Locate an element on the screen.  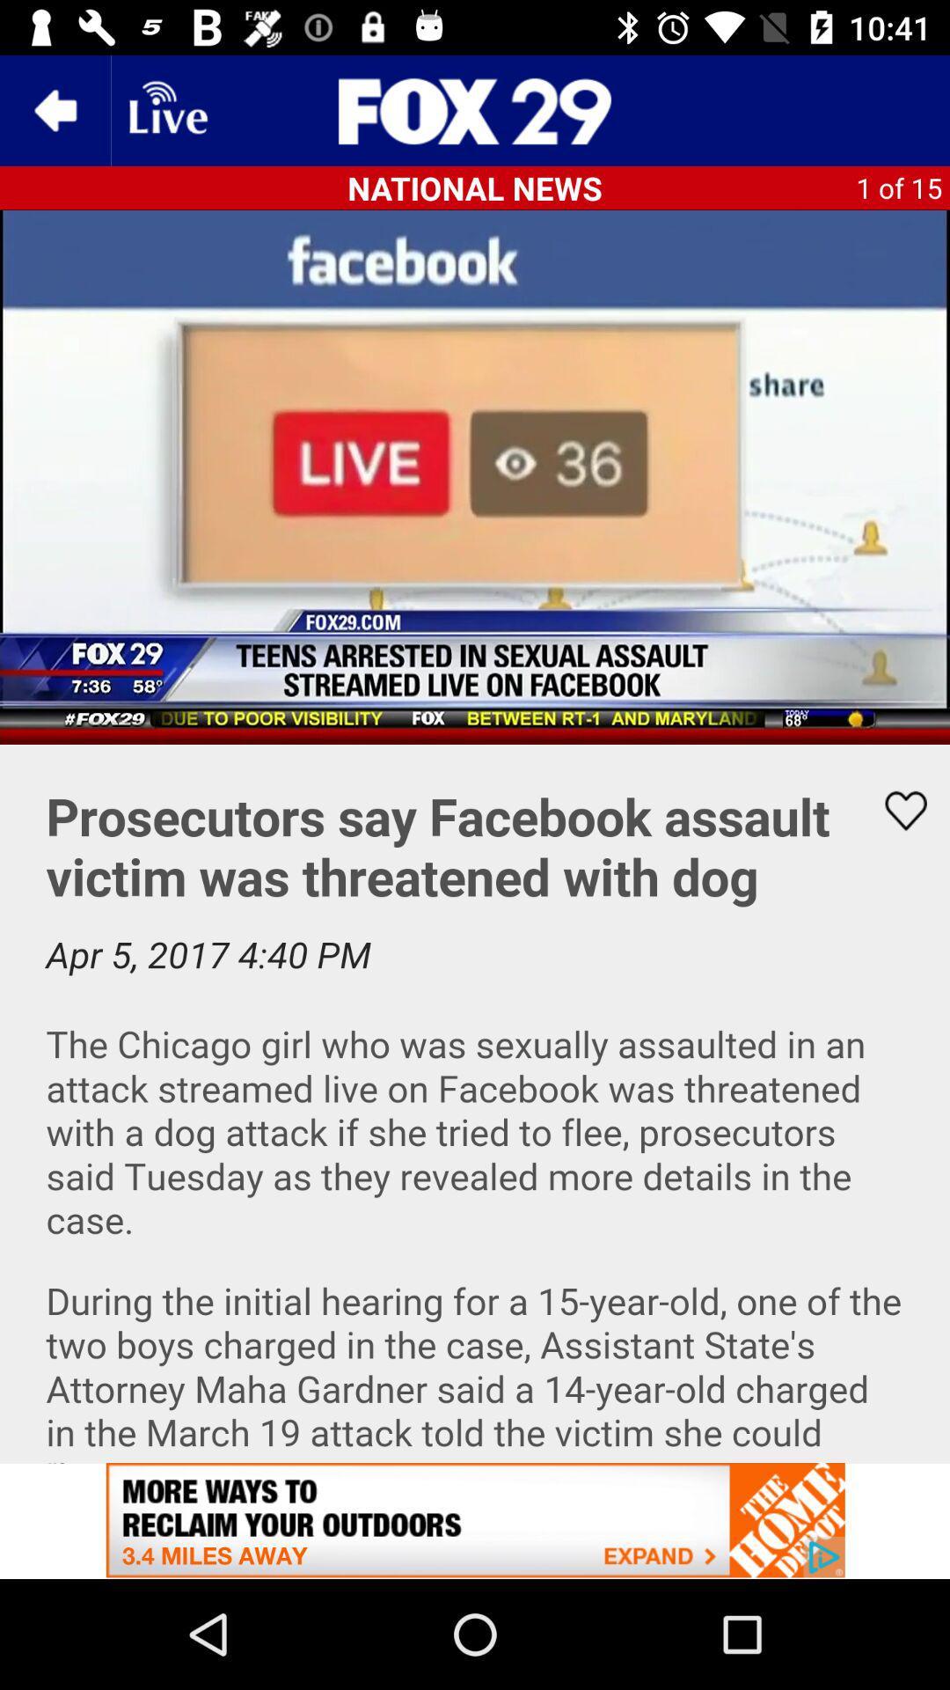
the sliders icon is located at coordinates (475, 109).